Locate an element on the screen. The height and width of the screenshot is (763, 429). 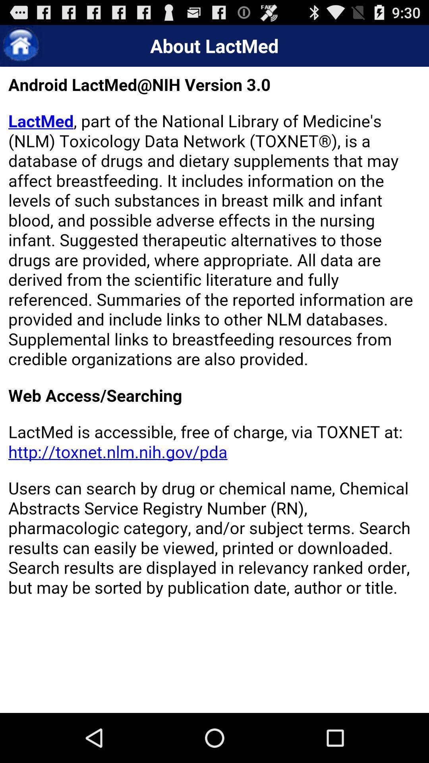
home button is located at coordinates (20, 45).